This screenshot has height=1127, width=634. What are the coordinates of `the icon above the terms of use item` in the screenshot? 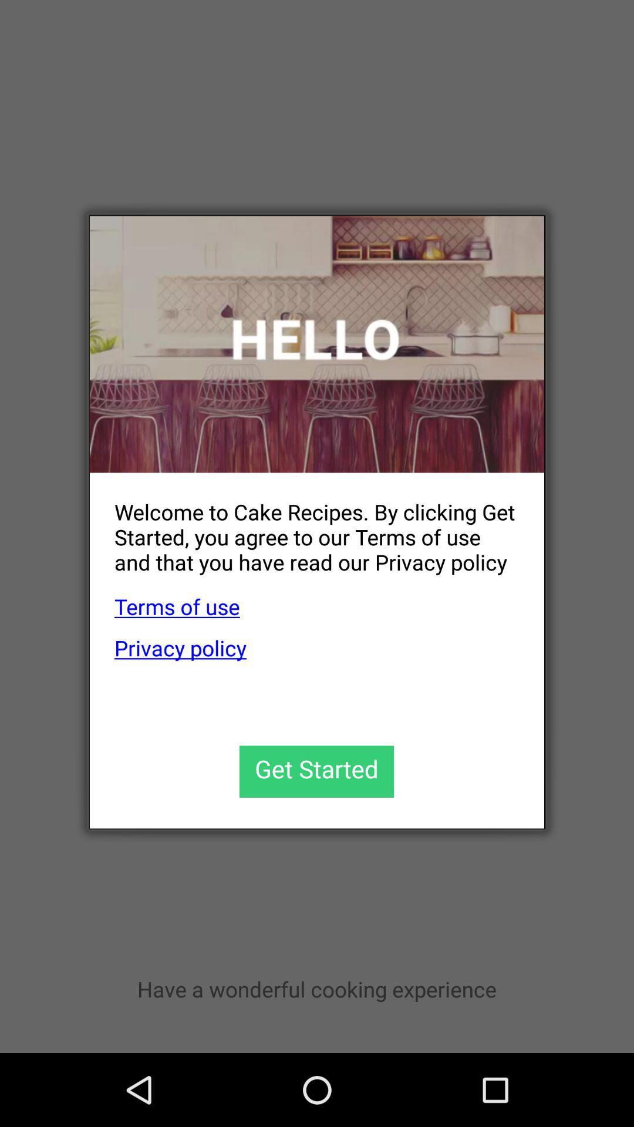 It's located at (304, 527).